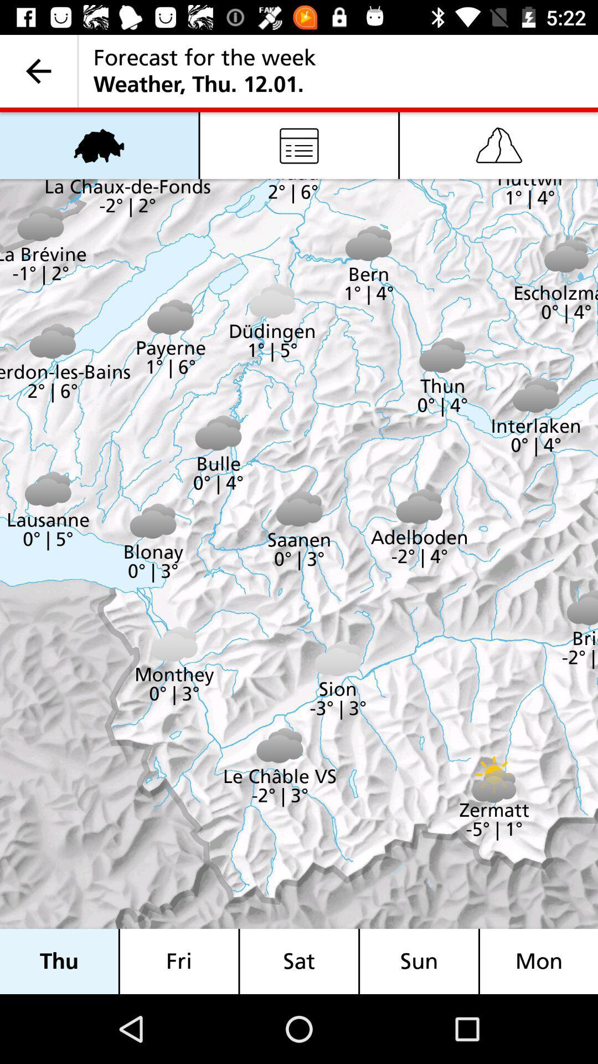 The width and height of the screenshot is (598, 1064). Describe the element at coordinates (419, 961) in the screenshot. I see `the item next to sat` at that location.